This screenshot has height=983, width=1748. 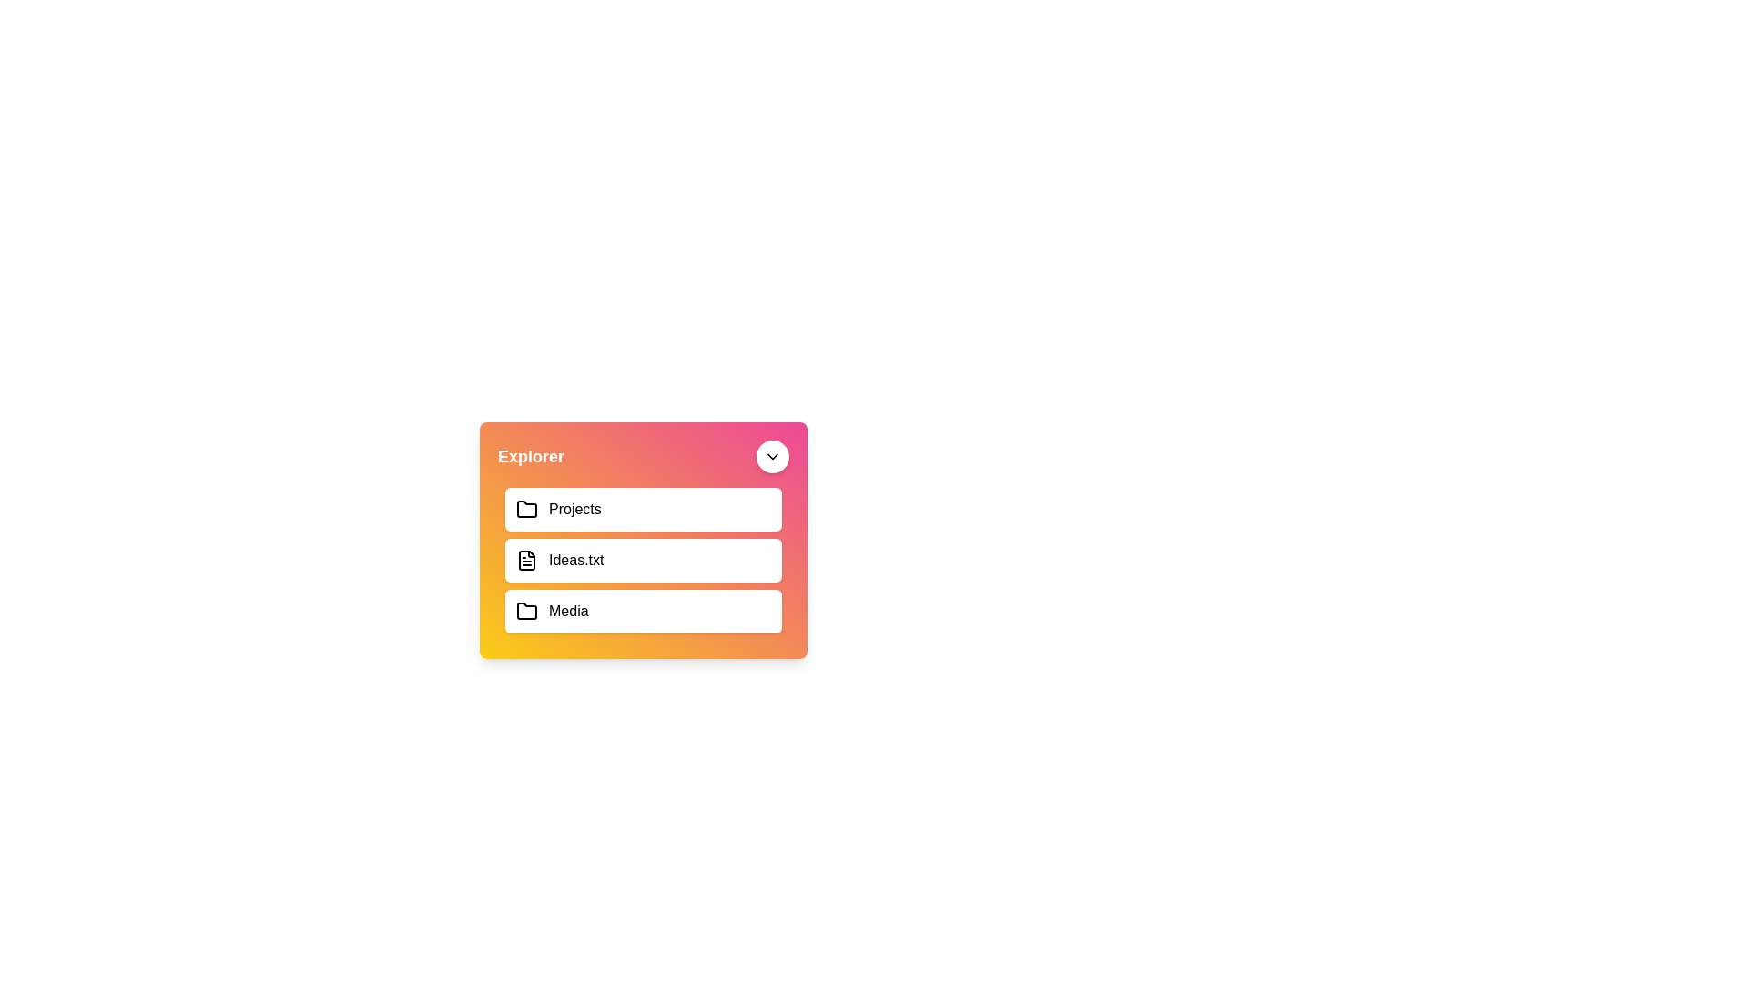 I want to click on the toggle button to expand or collapse the Explorer menu, so click(x=773, y=455).